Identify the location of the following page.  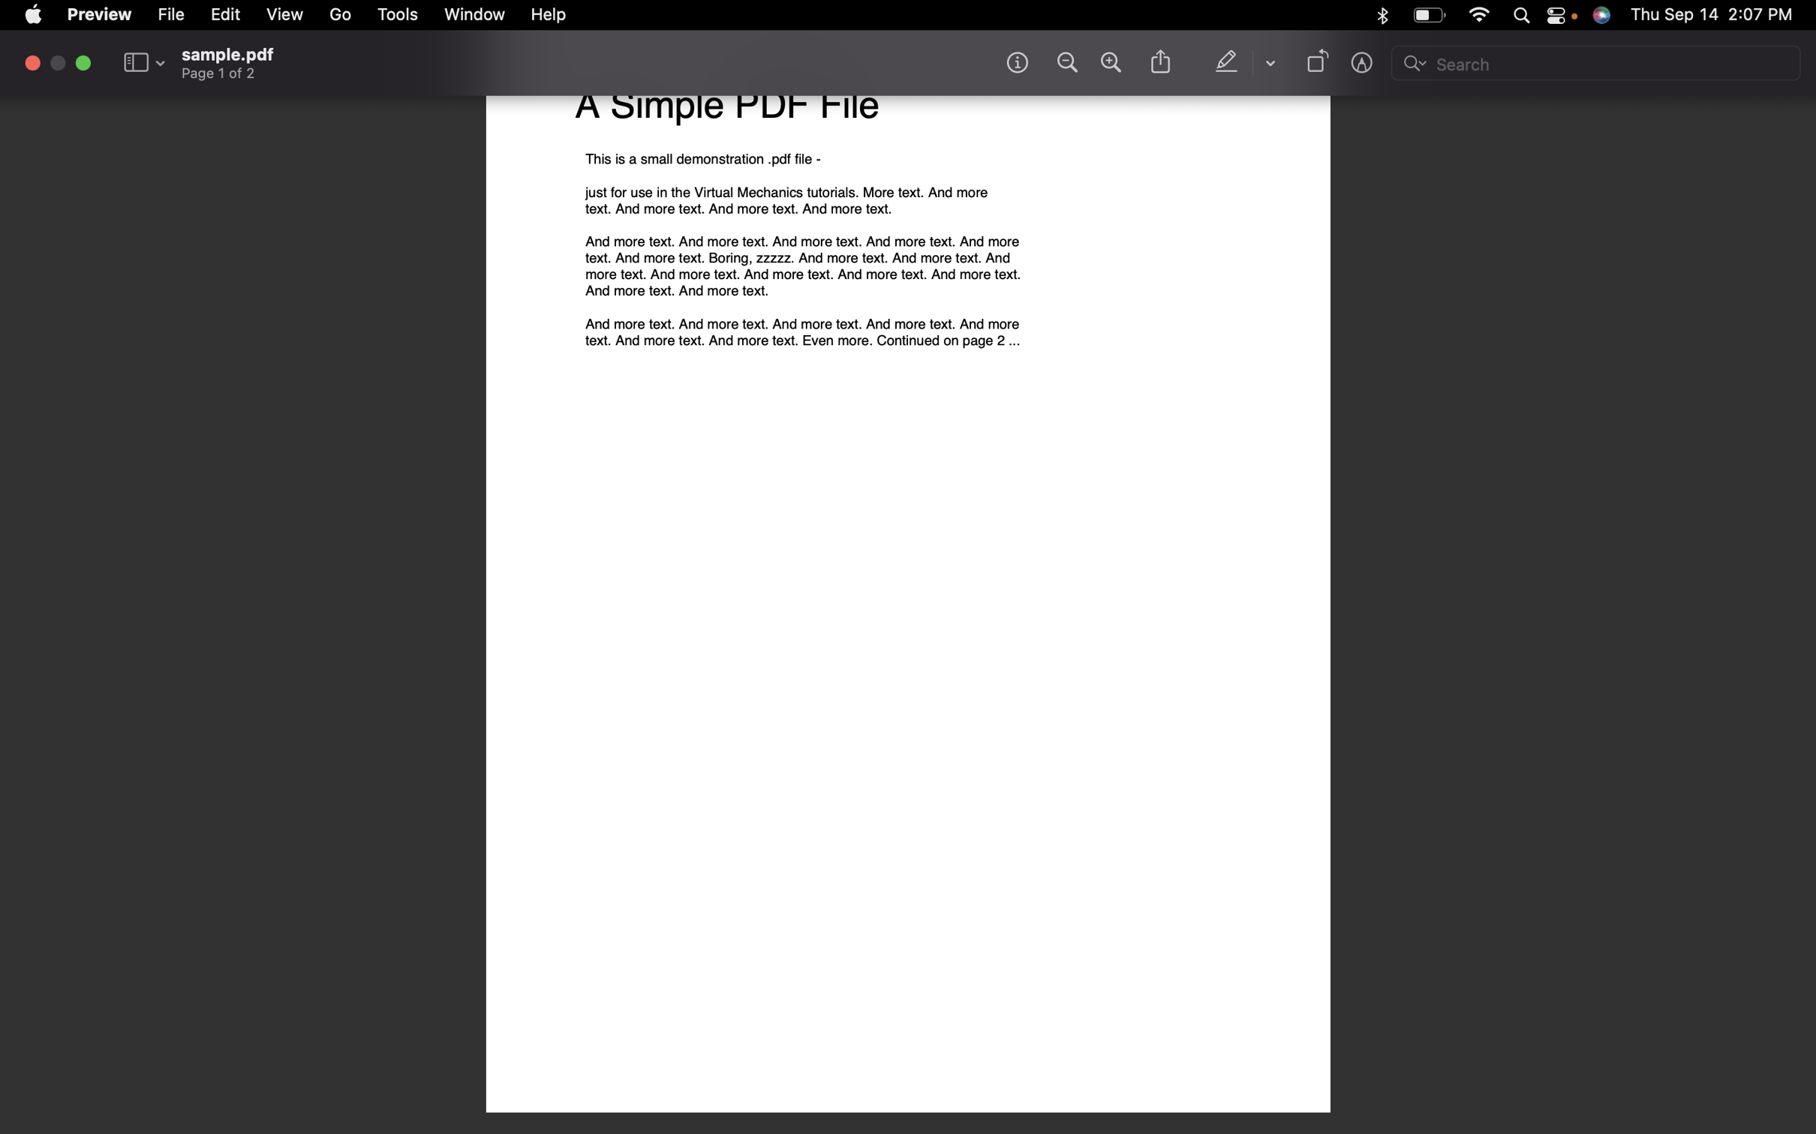
(341, 17).